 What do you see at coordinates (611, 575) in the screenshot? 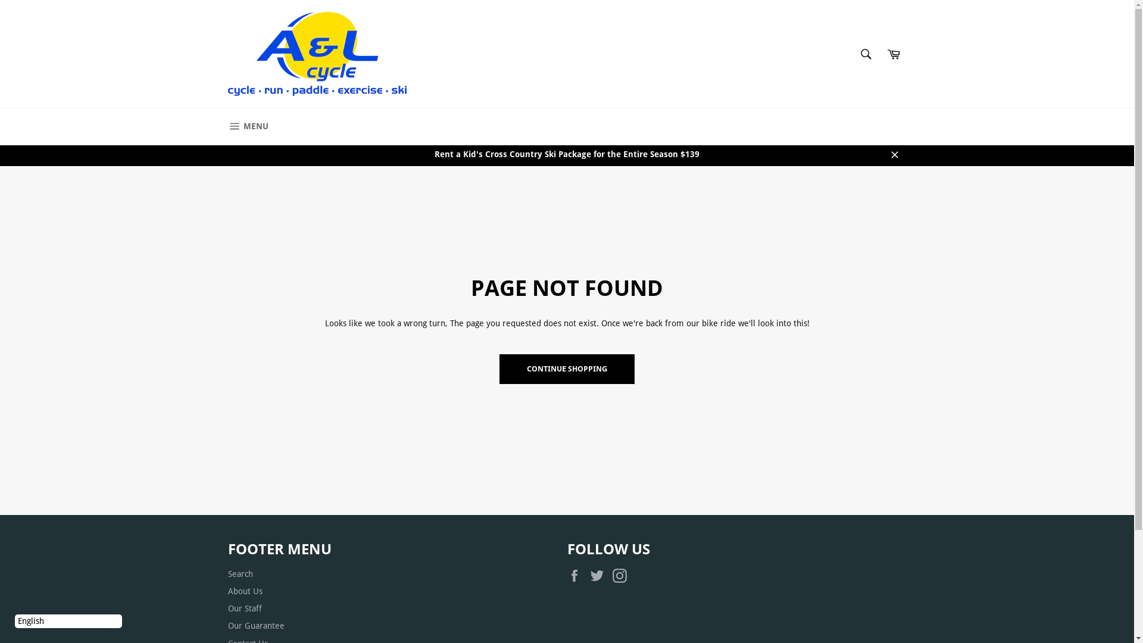
I see `'Instagram'` at bounding box center [611, 575].